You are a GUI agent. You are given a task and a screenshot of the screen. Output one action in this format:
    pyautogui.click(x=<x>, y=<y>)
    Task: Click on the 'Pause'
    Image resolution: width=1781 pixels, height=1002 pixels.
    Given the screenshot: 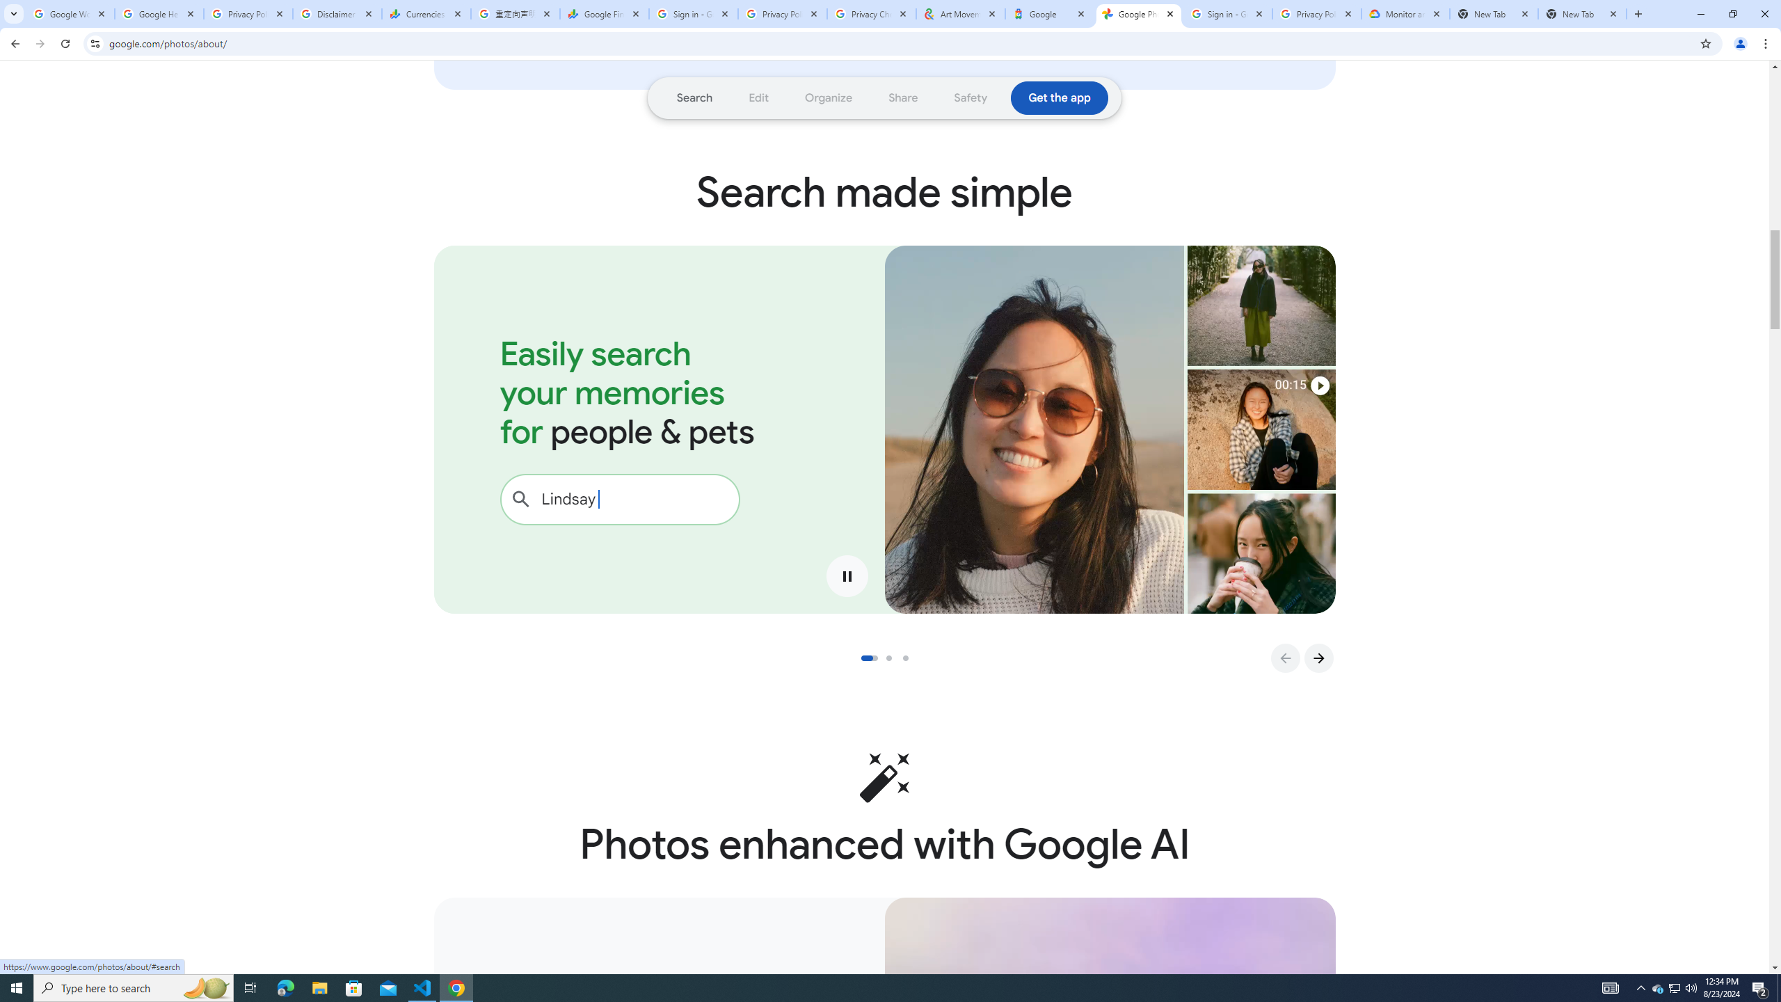 What is the action you would take?
    pyautogui.click(x=847, y=575)
    